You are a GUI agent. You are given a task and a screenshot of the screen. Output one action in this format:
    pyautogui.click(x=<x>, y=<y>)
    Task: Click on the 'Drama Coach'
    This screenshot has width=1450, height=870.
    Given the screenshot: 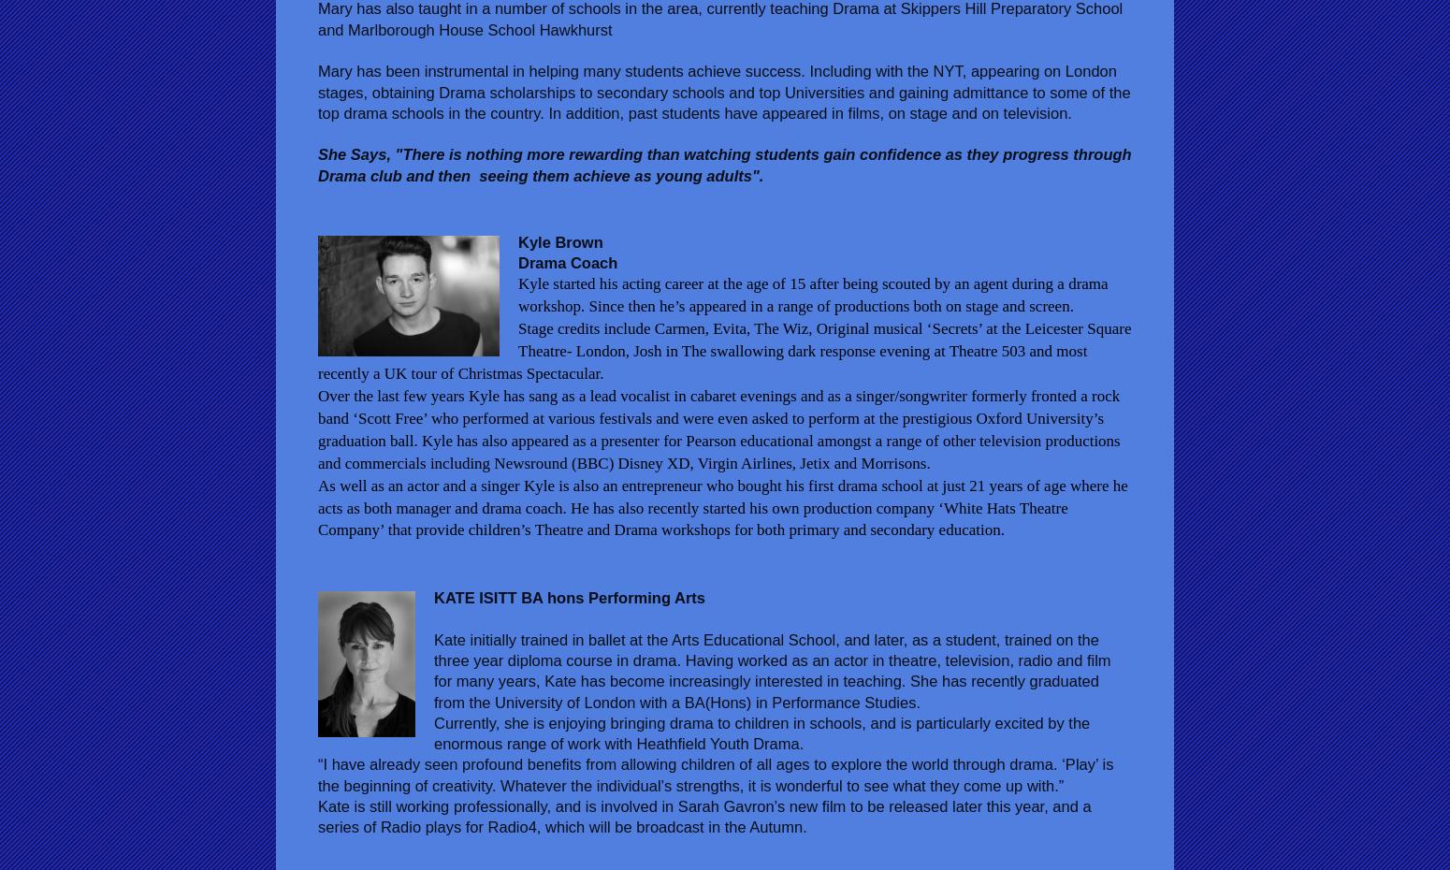 What is the action you would take?
    pyautogui.click(x=517, y=262)
    